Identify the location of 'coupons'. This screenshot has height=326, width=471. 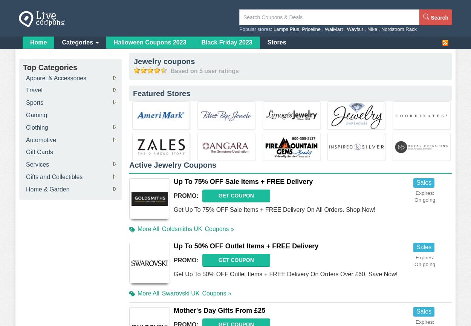
(177, 61).